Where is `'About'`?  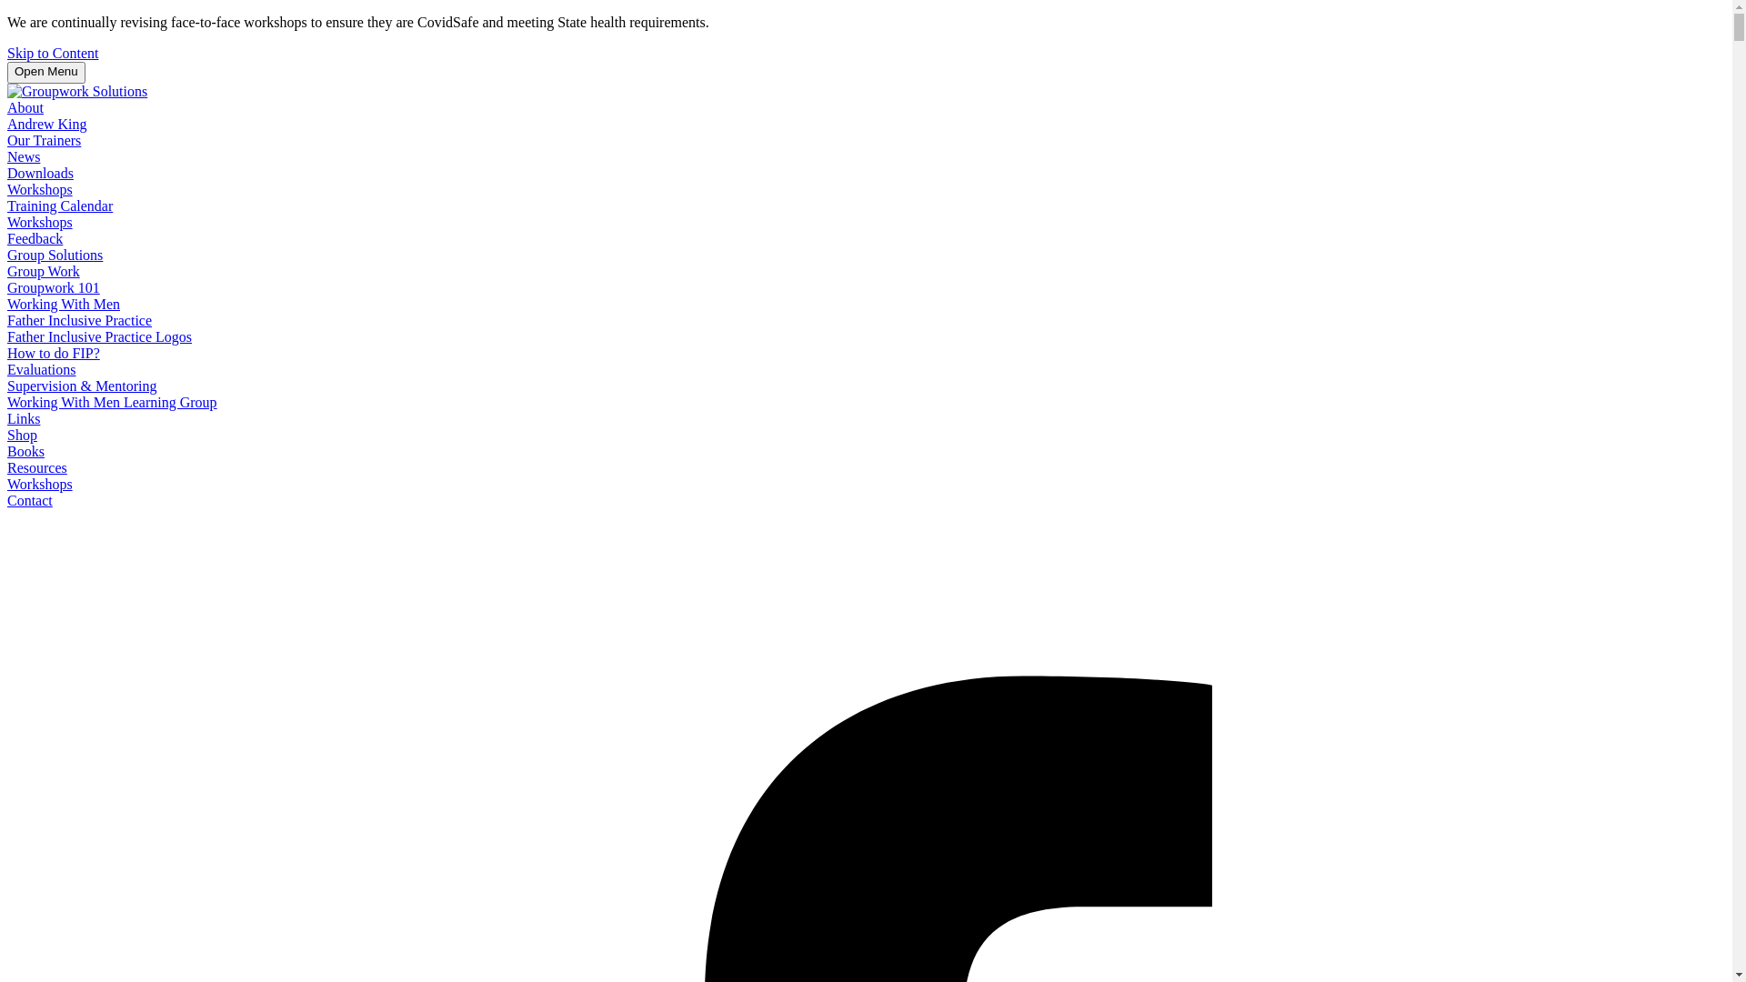
'About' is located at coordinates (25, 107).